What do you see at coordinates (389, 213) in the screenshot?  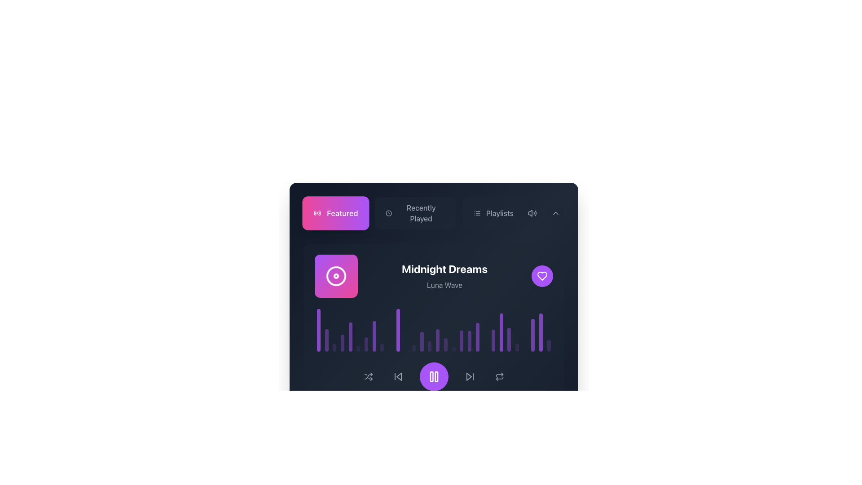 I see `the circular outline element within the SVG clock icon located in the top navigation bar, positioned to the right of the 'Featured' button` at bounding box center [389, 213].